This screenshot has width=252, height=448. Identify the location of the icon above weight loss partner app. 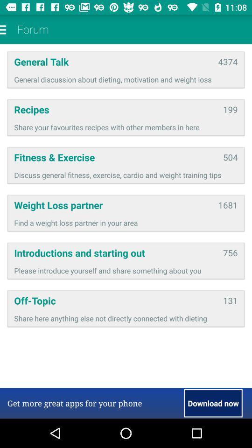
(126, 175).